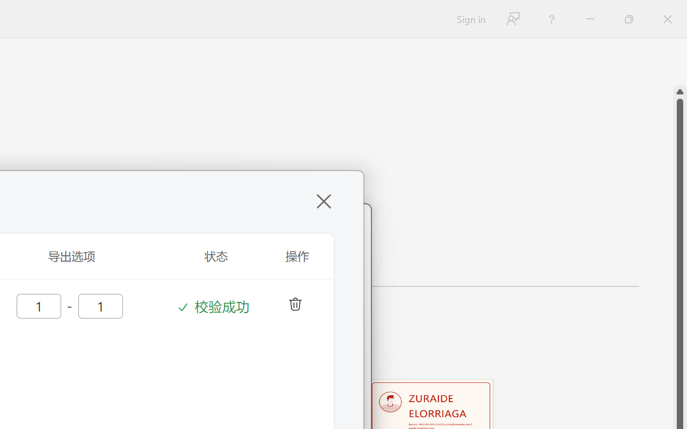 The image size is (687, 429). Describe the element at coordinates (679, 91) in the screenshot. I see `'Line up'` at that location.